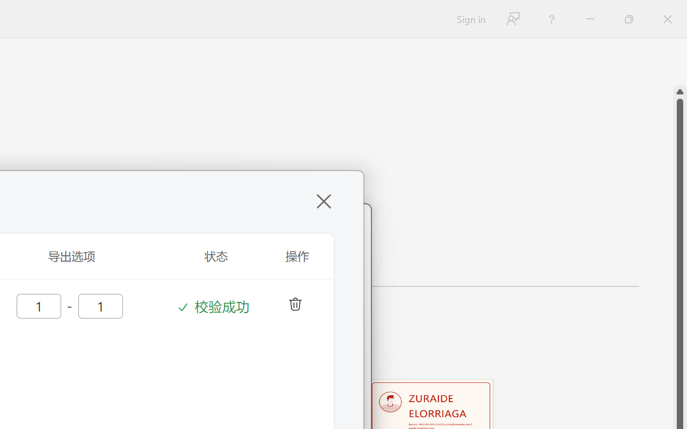 The image size is (687, 429). Describe the element at coordinates (679, 91) in the screenshot. I see `'Line up'` at that location.